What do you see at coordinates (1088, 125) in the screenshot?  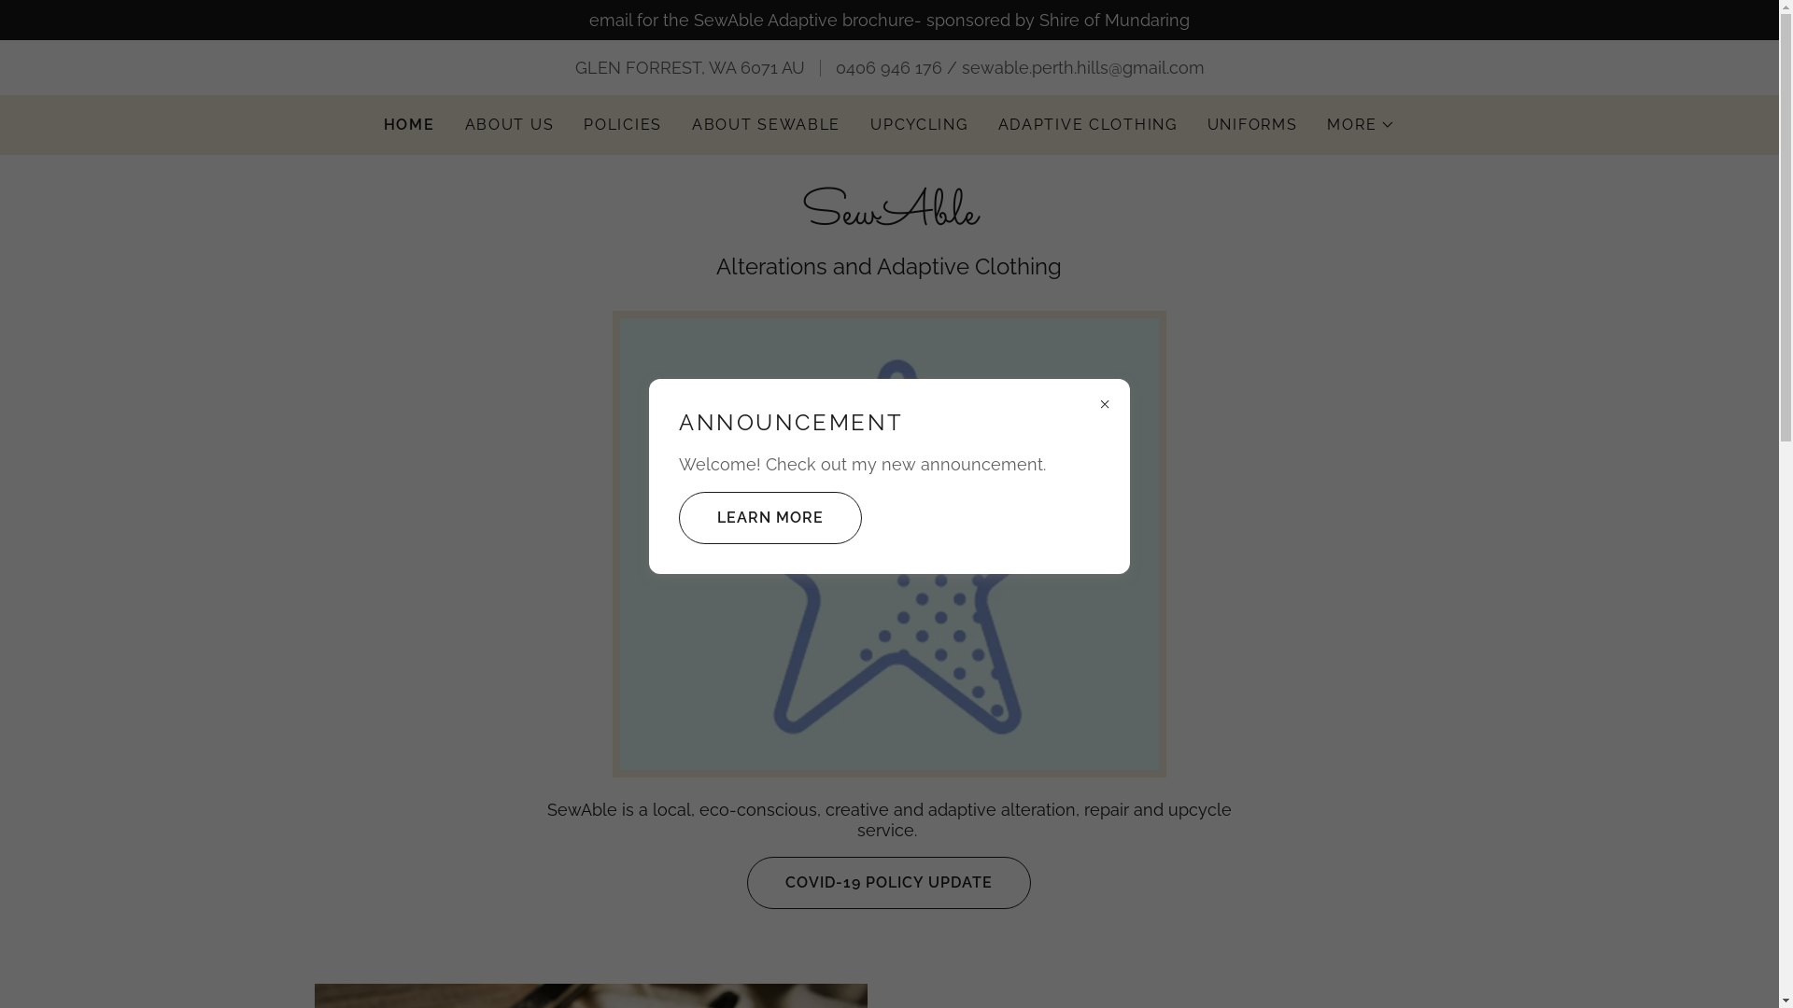 I see `'ADAPTIVE CLOTHING'` at bounding box center [1088, 125].